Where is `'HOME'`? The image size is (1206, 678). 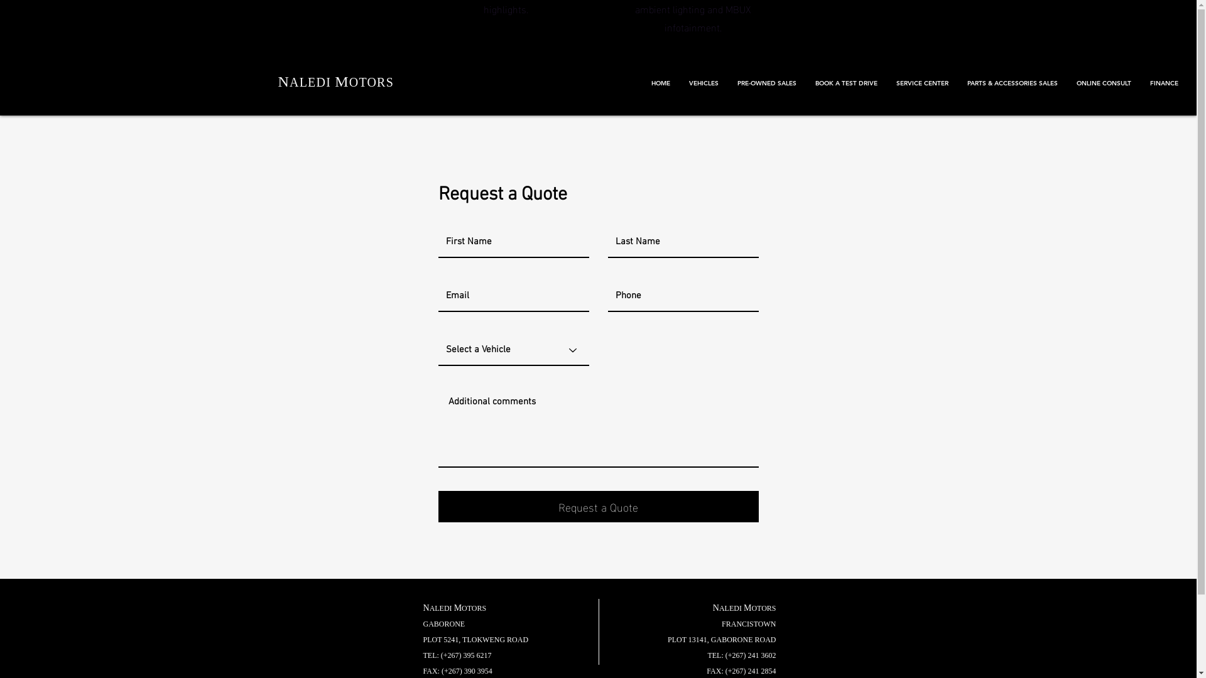
'HOME' is located at coordinates (660, 83).